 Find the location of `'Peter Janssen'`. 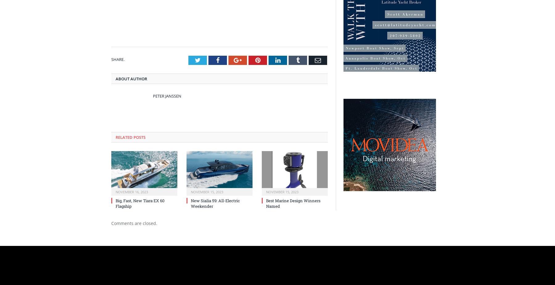

'Peter Janssen' is located at coordinates (166, 96).